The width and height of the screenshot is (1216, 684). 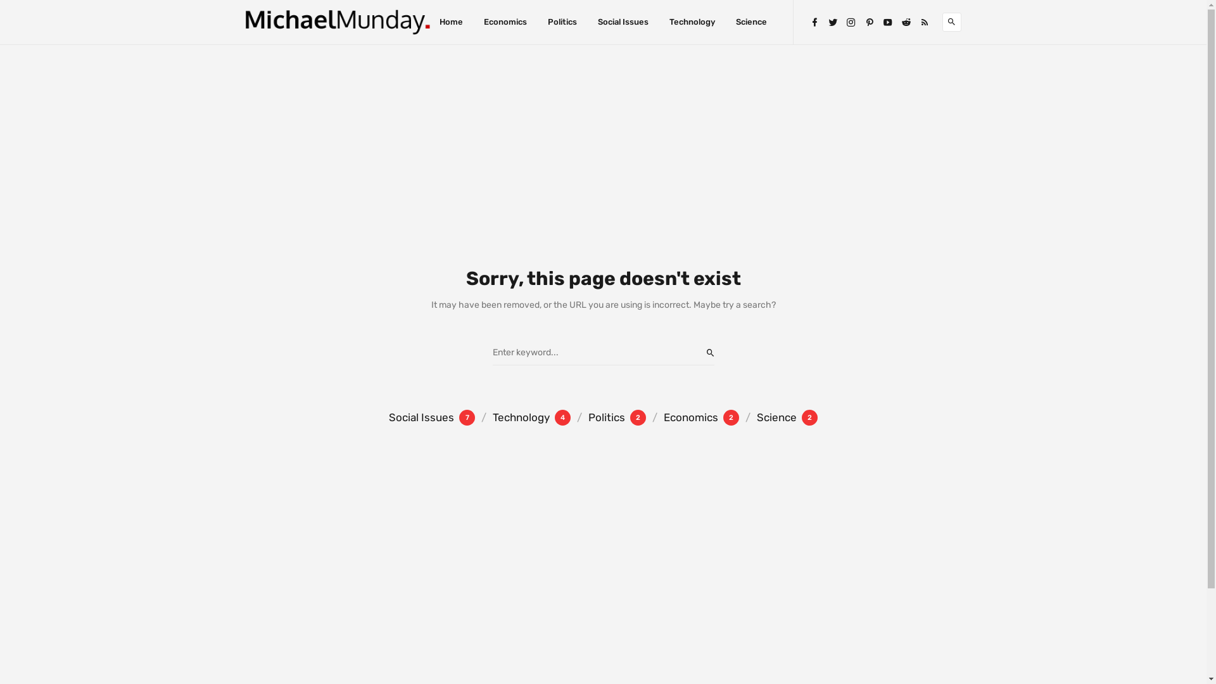 I want to click on 'Politics', so click(x=562, y=22).